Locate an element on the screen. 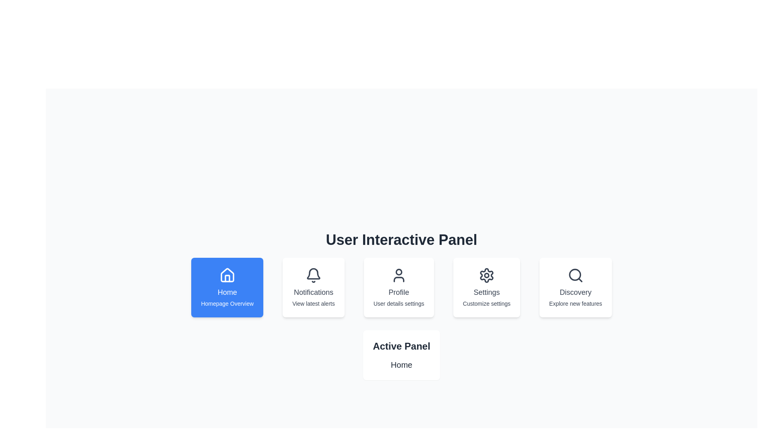  the third card labeled 'Profile' in the User Interactive Panel is located at coordinates (399, 287).